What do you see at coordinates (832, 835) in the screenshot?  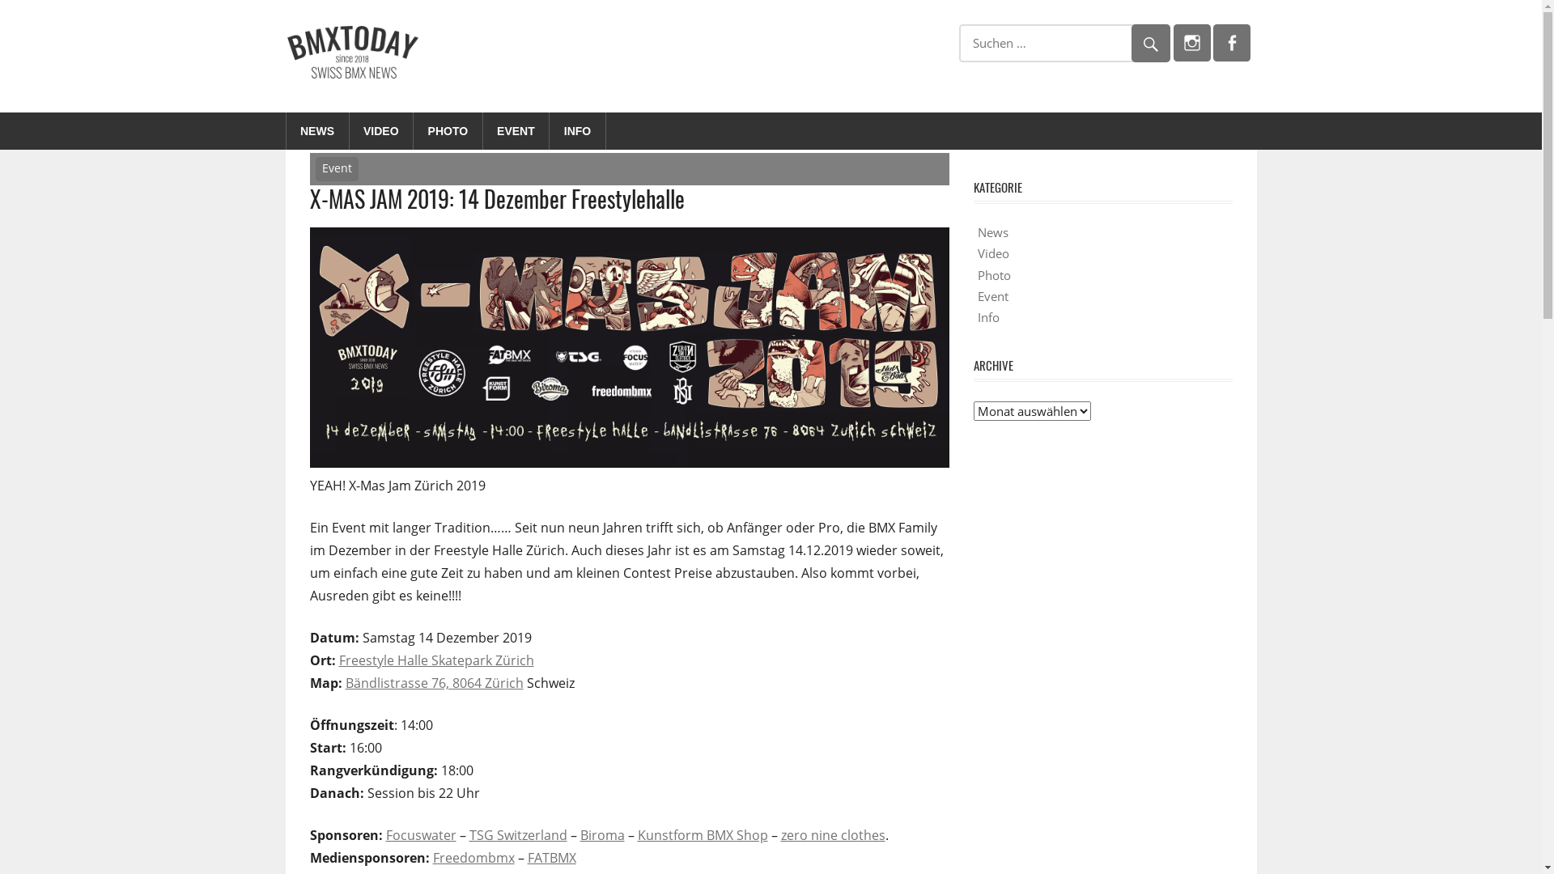 I see `'zero nine clothes'` at bounding box center [832, 835].